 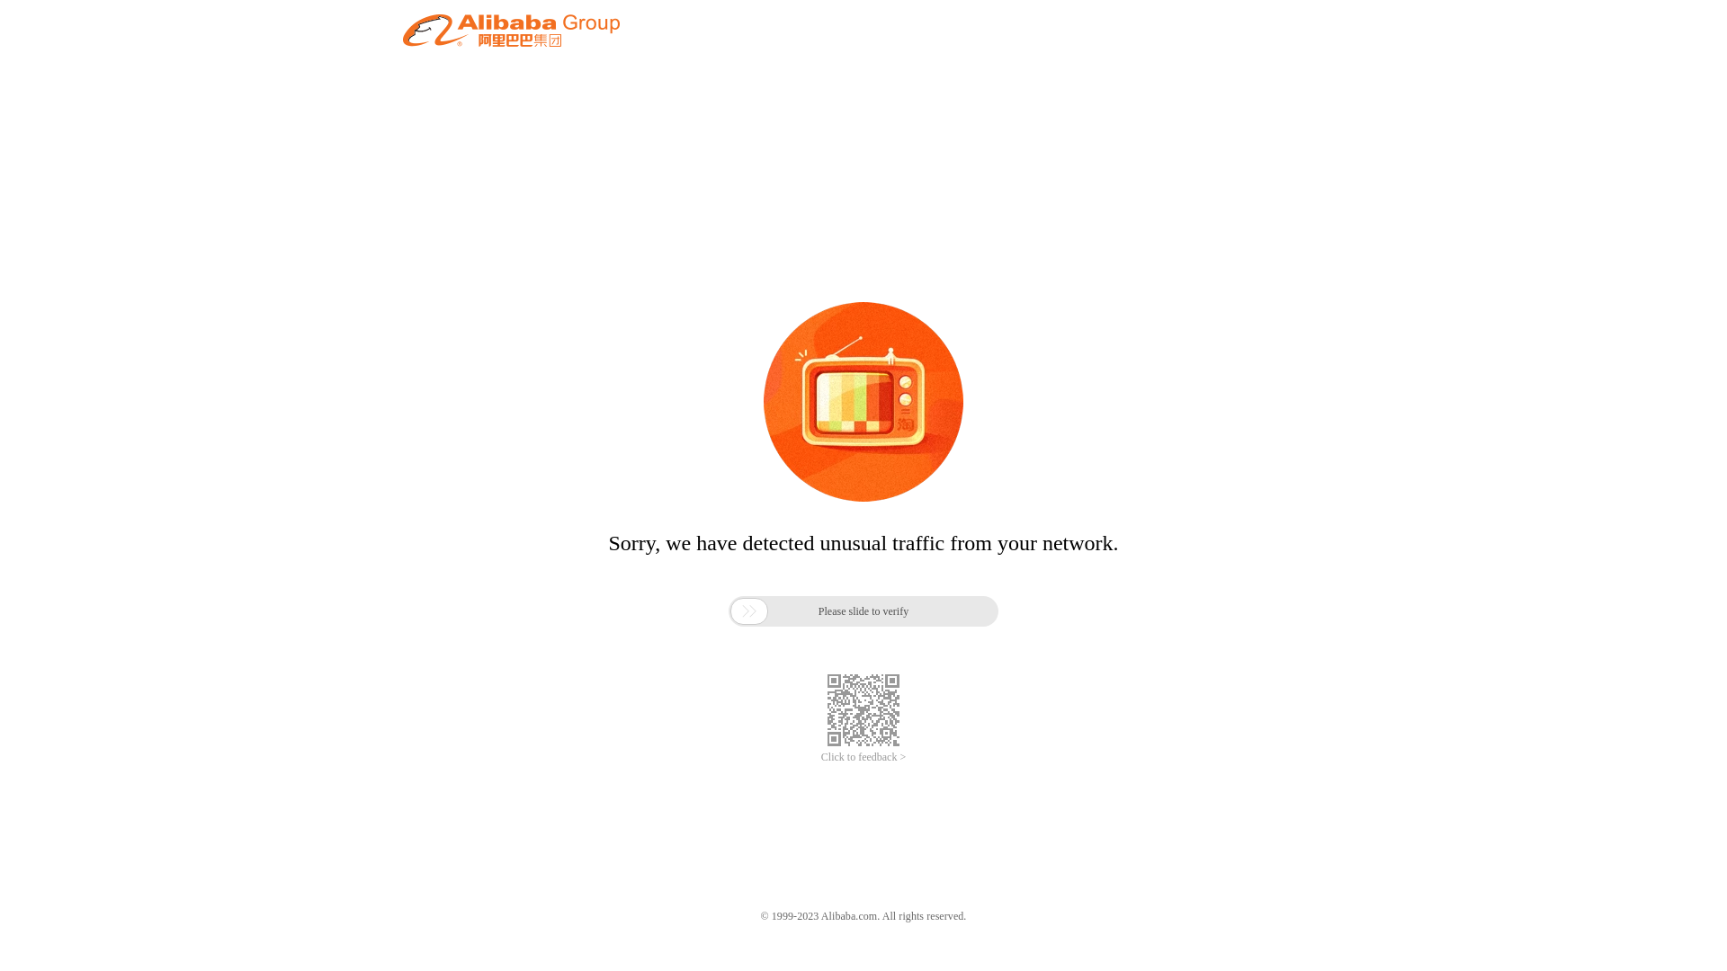 I want to click on 'Click to feedback >', so click(x=863, y=757).